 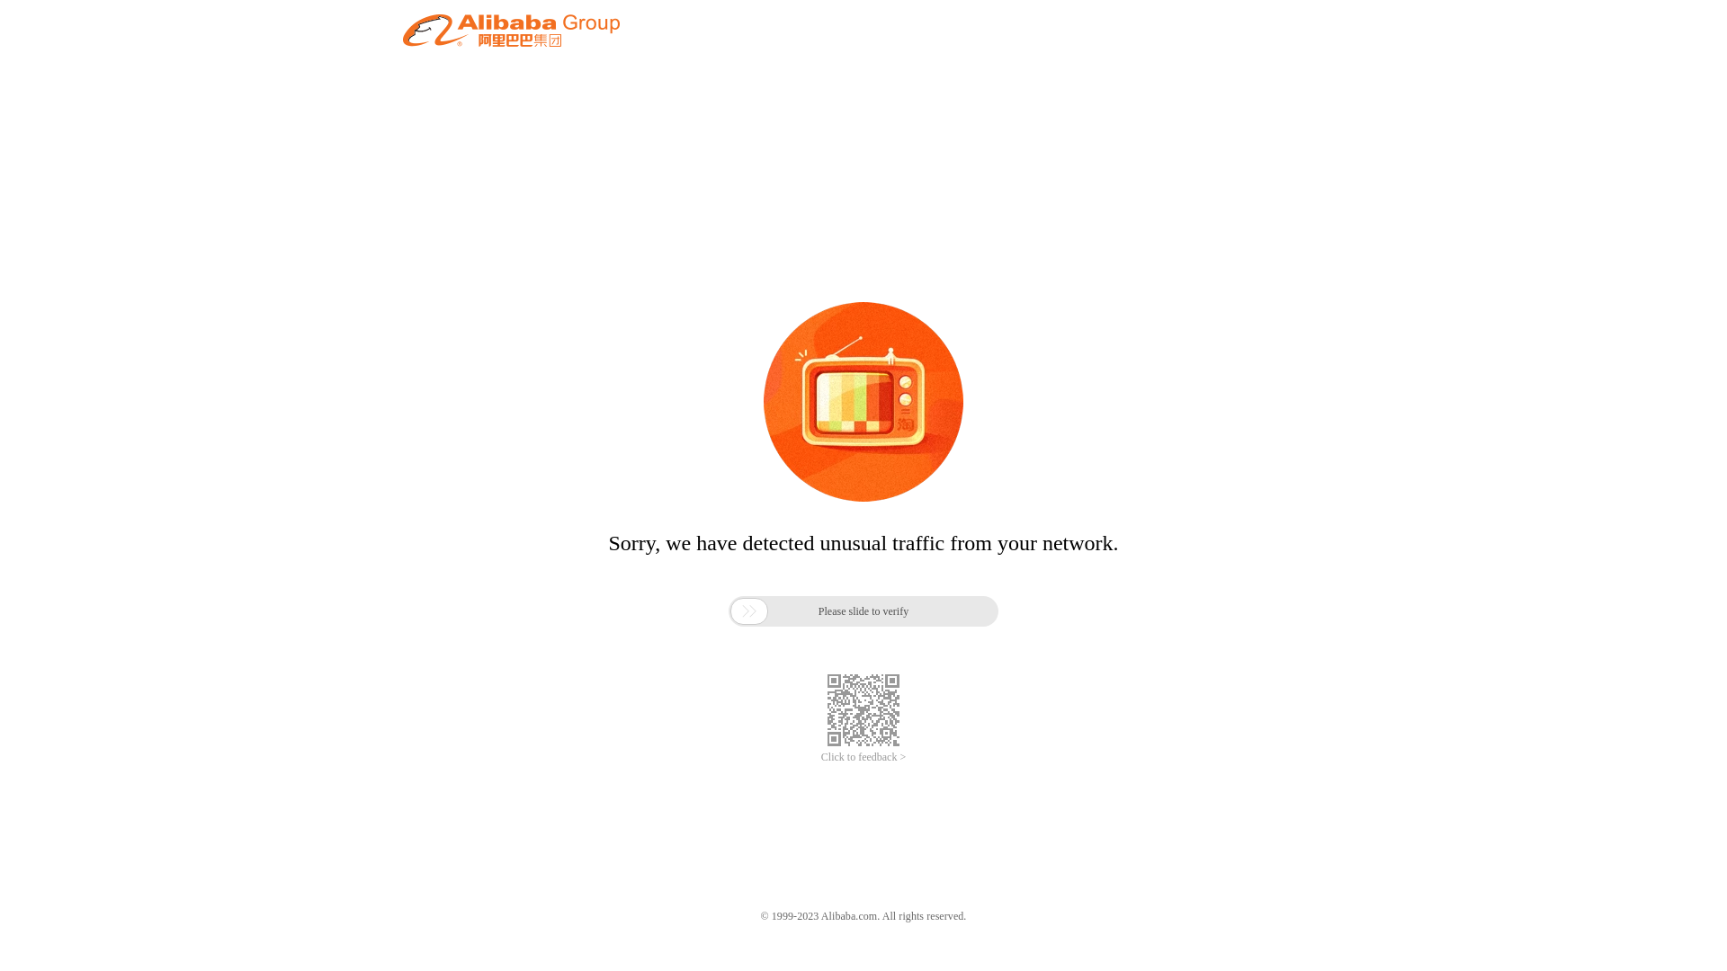 I want to click on 'Click to feedback >', so click(x=863, y=757).